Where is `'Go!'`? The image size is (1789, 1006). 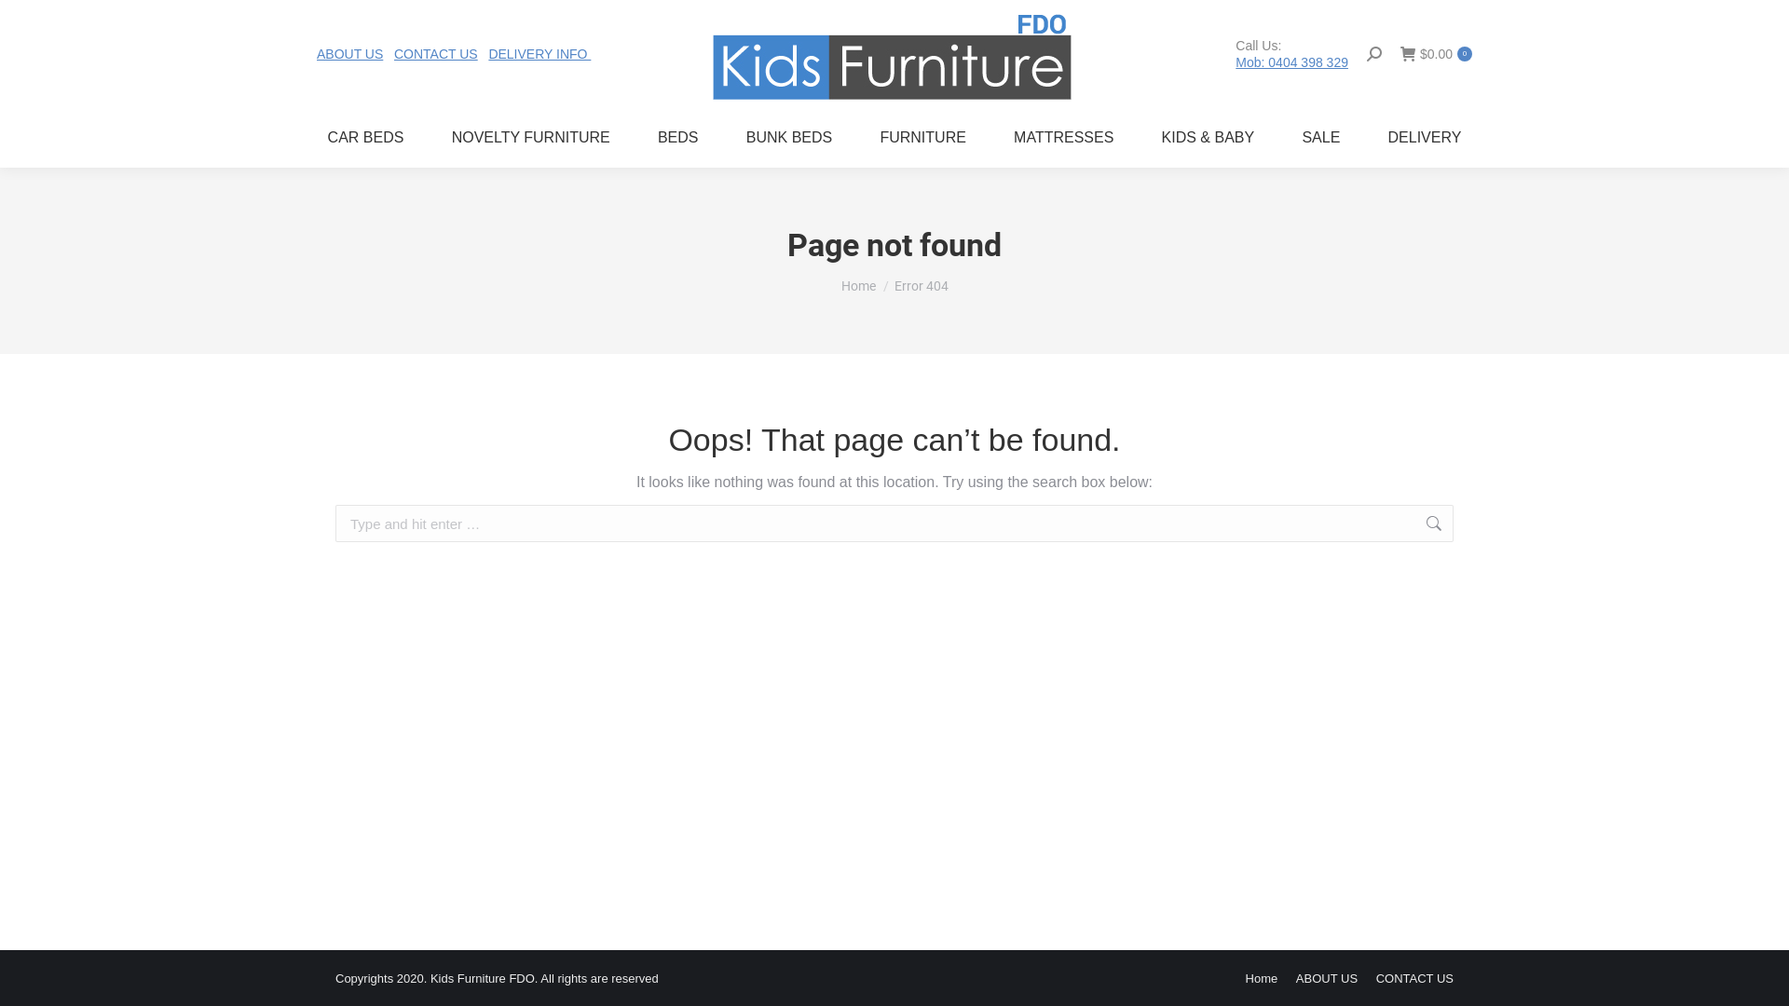 'Go!' is located at coordinates (1482, 524).